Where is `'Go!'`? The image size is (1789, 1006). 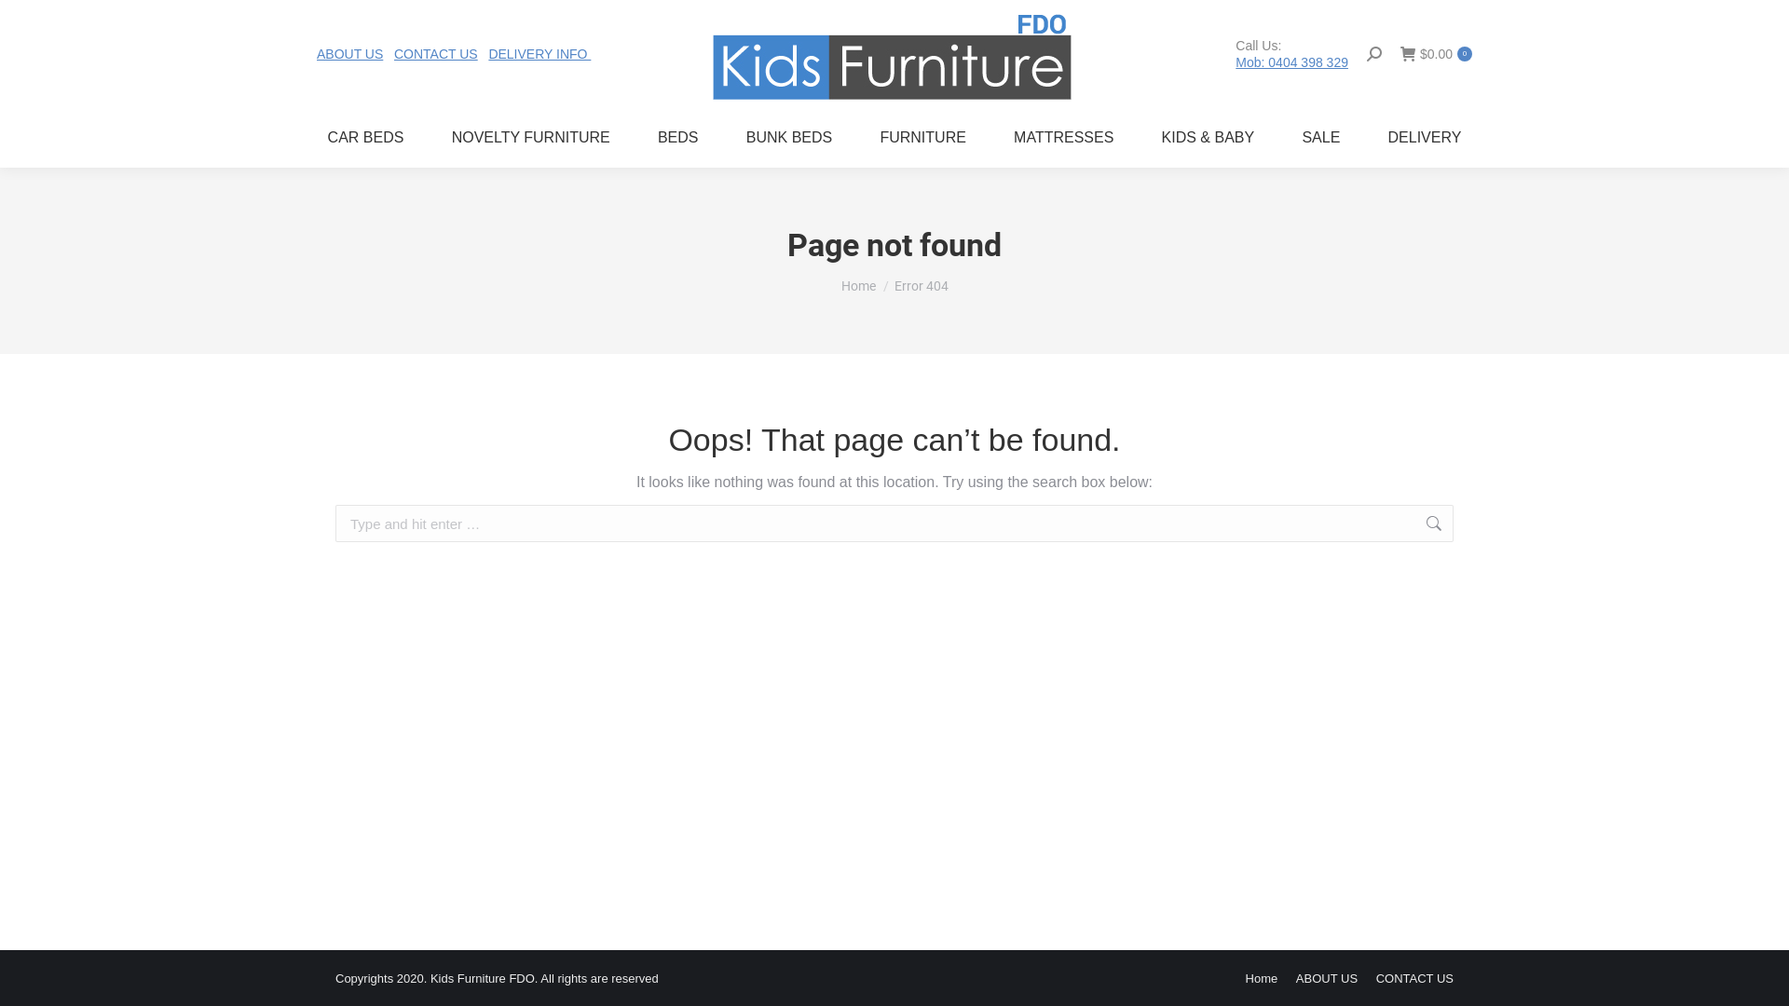 'Go!' is located at coordinates (1482, 524).